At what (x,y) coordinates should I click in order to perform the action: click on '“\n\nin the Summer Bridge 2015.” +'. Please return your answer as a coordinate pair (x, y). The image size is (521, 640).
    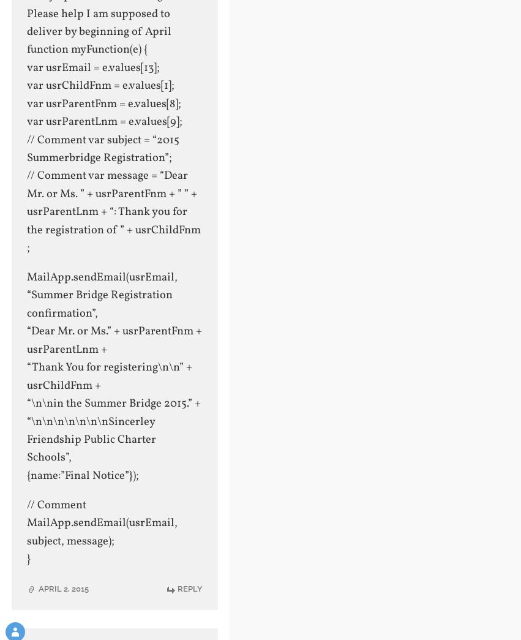
    Looking at the image, I should click on (113, 403).